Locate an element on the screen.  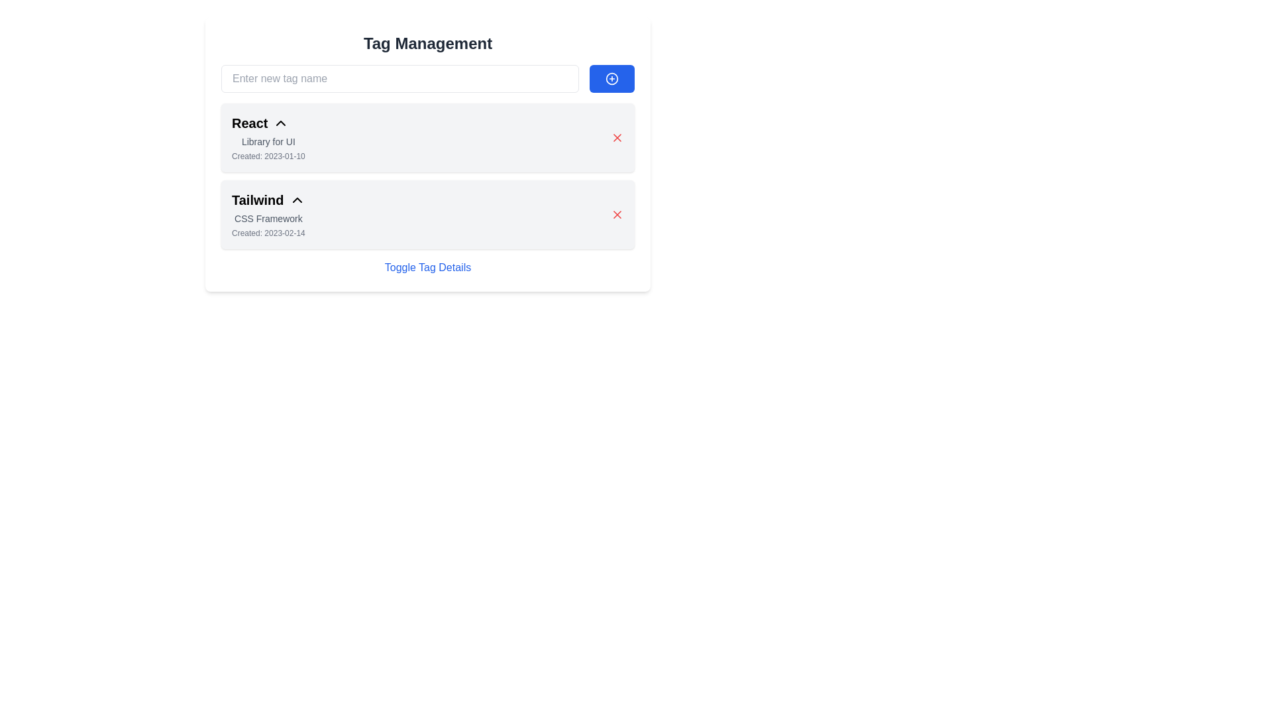
the small, light gray-colored static text displaying 'Created: 2023-02-14', located below the 'CSS Framework' label within the 'Tailwind' item group is located at coordinates (268, 232).